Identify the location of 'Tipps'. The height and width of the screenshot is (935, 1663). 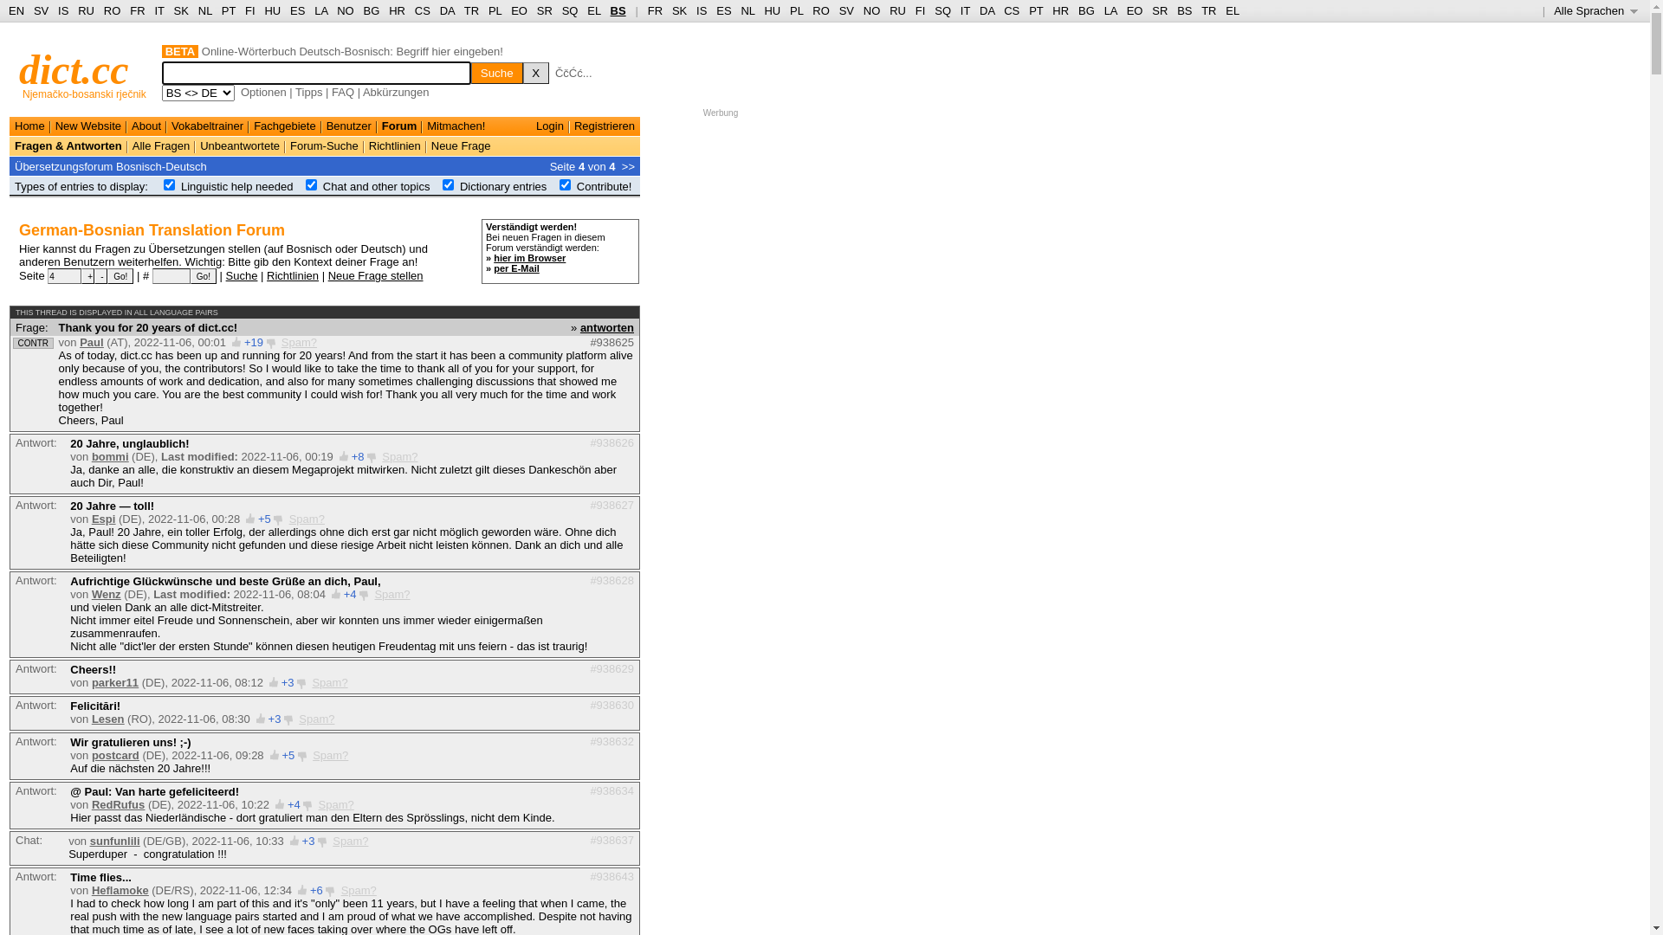
(308, 92).